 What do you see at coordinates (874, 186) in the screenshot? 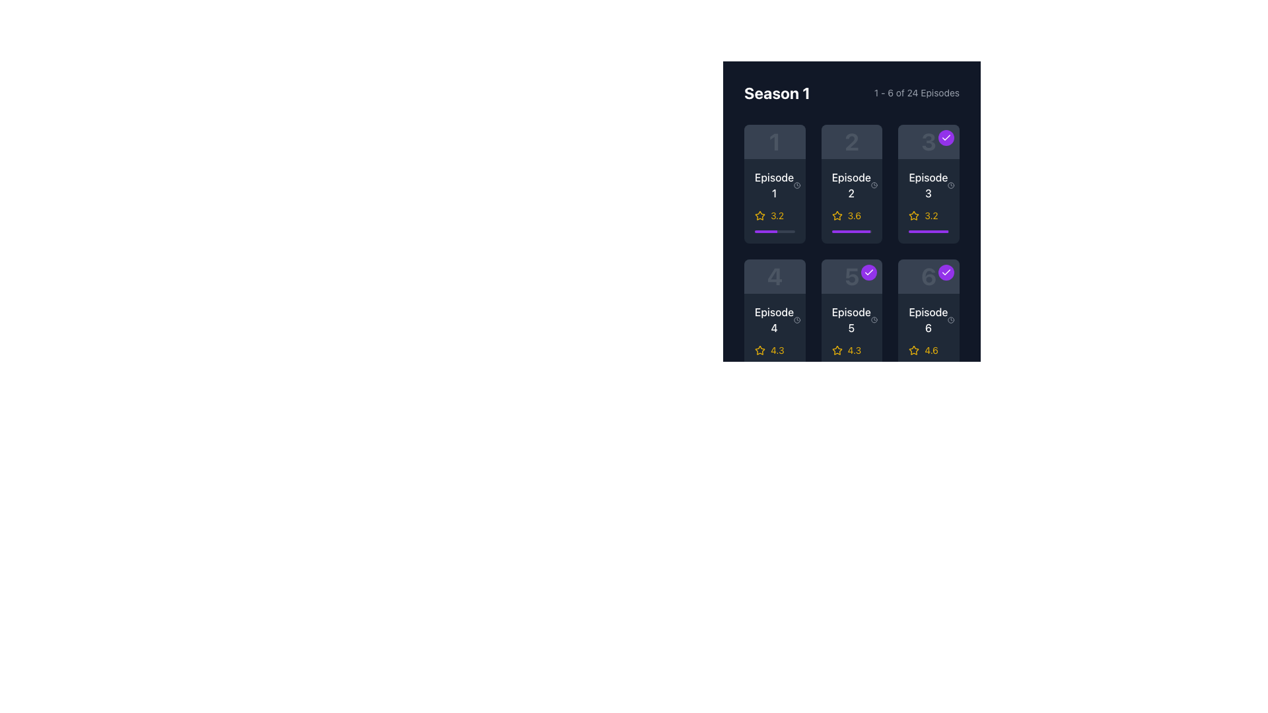
I see `the clock icon located to the left of the text '42 min' in the second position of the grid layout for Episode 2` at bounding box center [874, 186].